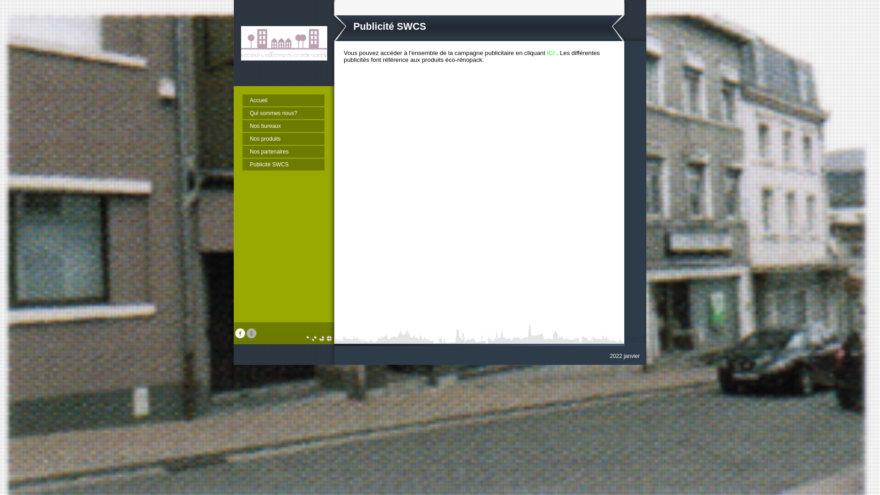  What do you see at coordinates (253, 336) in the screenshot?
I see `' '` at bounding box center [253, 336].